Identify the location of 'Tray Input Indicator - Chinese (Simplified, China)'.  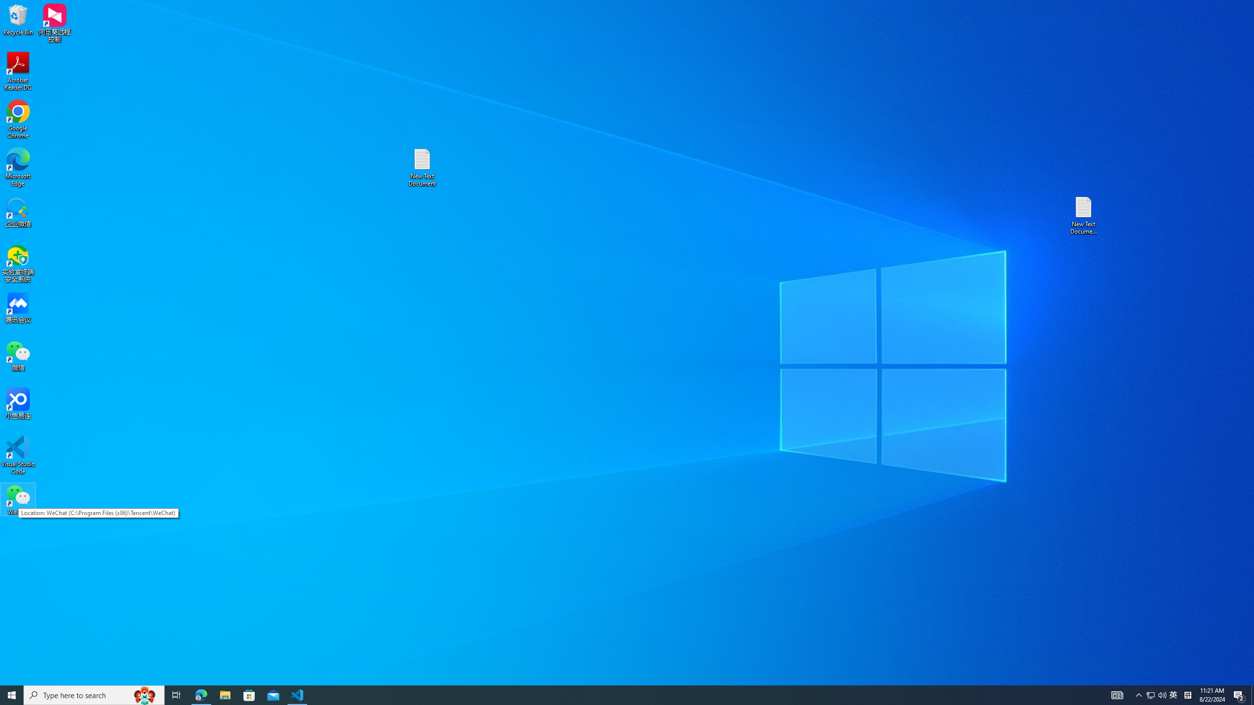
(1174, 694).